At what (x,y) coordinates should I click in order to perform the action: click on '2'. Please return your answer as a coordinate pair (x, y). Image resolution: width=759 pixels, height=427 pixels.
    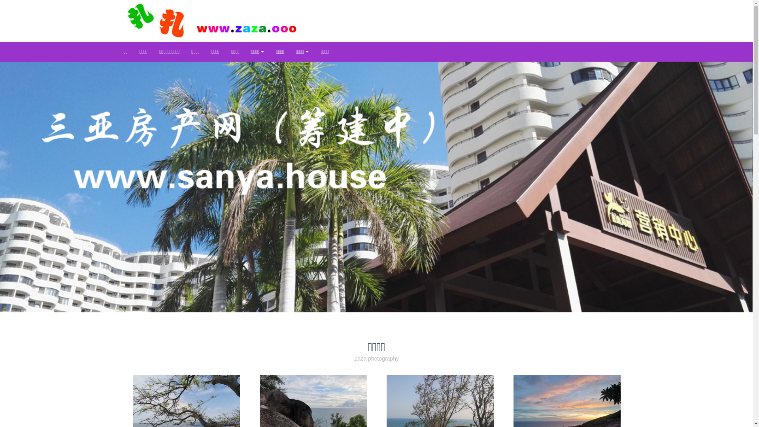
    Looking at the image, I should click on (376, 300).